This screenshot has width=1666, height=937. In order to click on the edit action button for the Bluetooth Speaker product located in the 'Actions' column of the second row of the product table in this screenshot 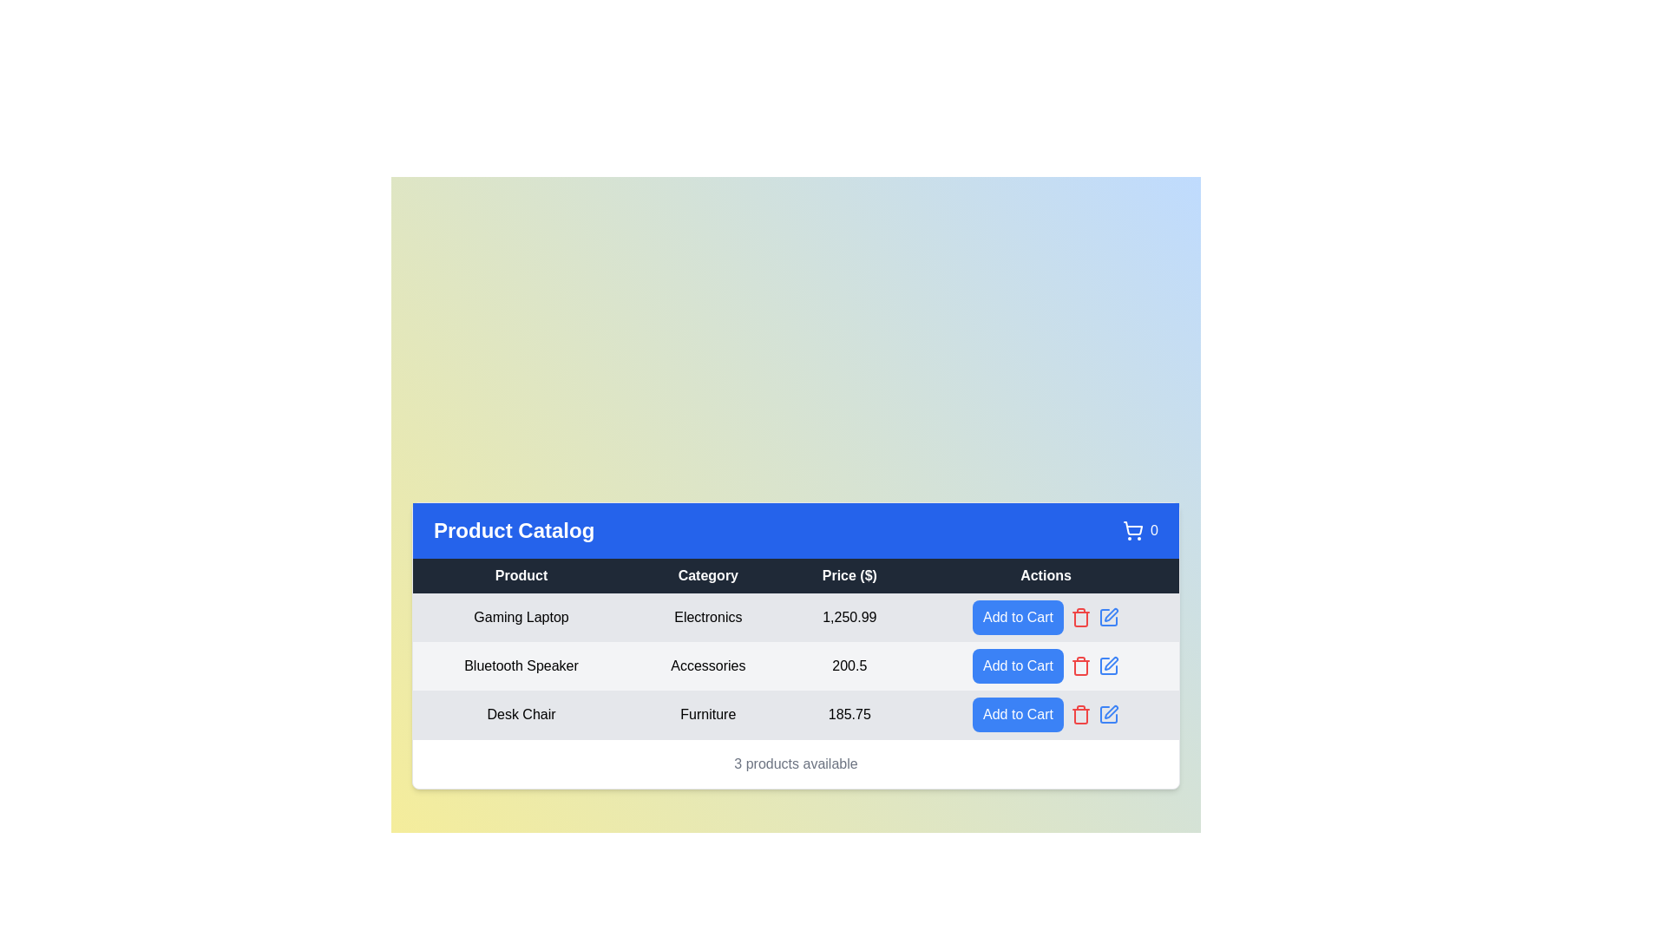, I will do `click(1107, 665)`.